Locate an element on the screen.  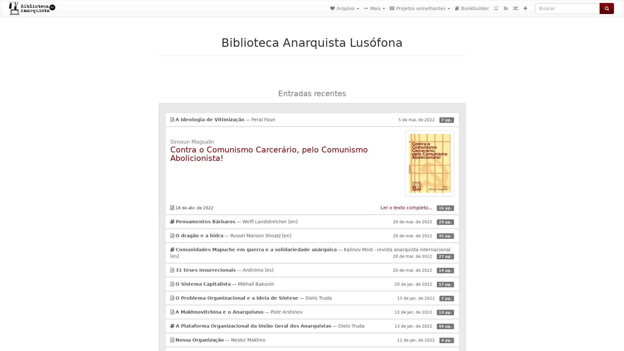
Buscar is located at coordinates (606, 8).